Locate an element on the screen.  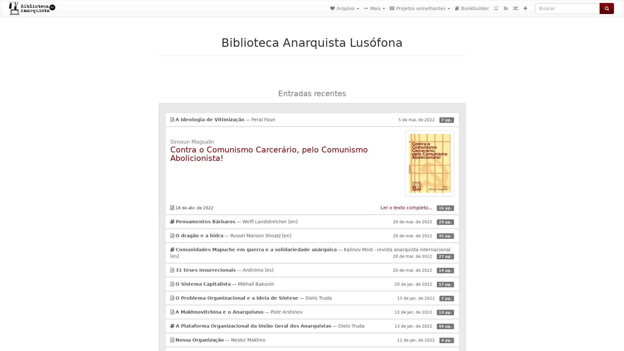
Buscar is located at coordinates (606, 8).